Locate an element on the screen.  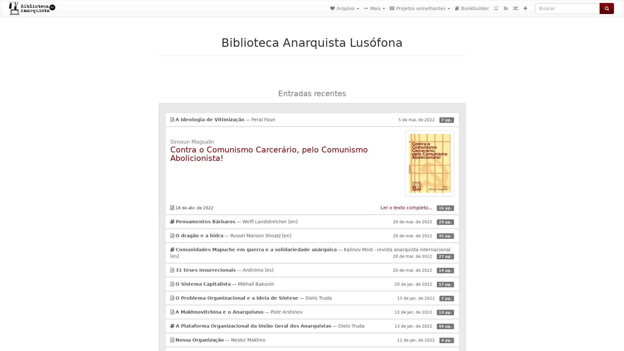
Buscar is located at coordinates (606, 8).